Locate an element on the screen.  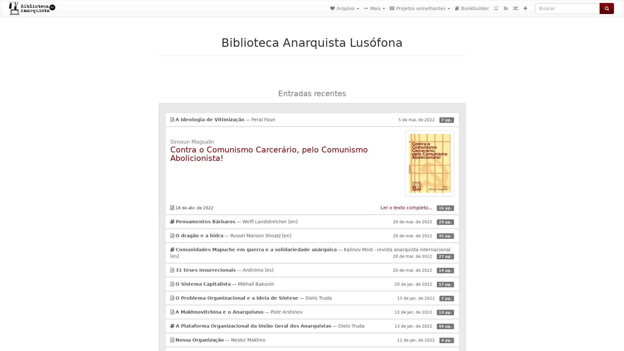
Buscar is located at coordinates (606, 8).